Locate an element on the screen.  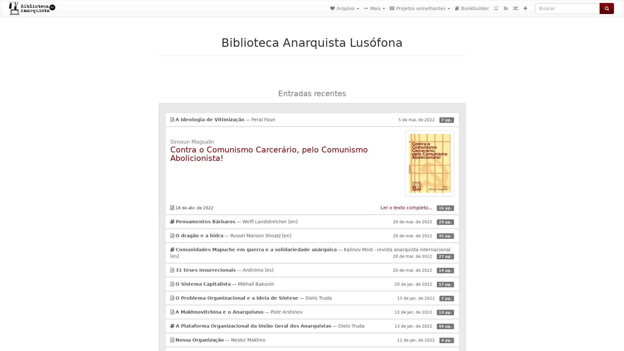
Buscar is located at coordinates (606, 8).